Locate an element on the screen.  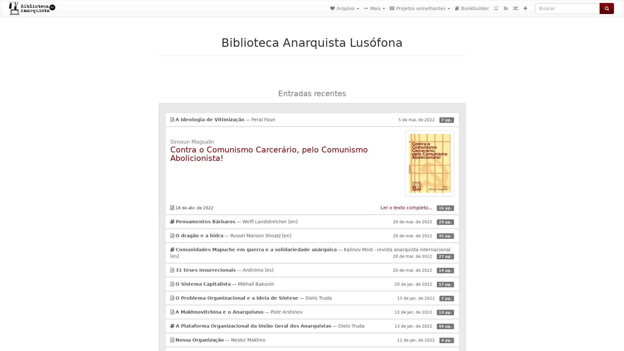
Buscar is located at coordinates (606, 8).